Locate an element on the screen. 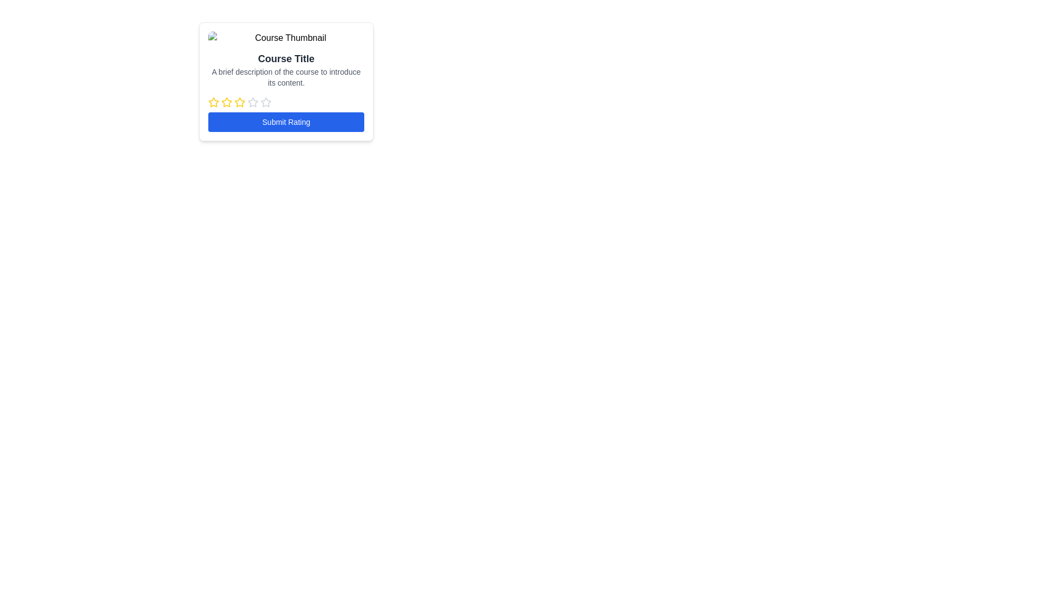 The width and height of the screenshot is (1047, 589). the fourth star-shaped icon from the left in the row of five stars, styled in light gray color is located at coordinates (266, 102).